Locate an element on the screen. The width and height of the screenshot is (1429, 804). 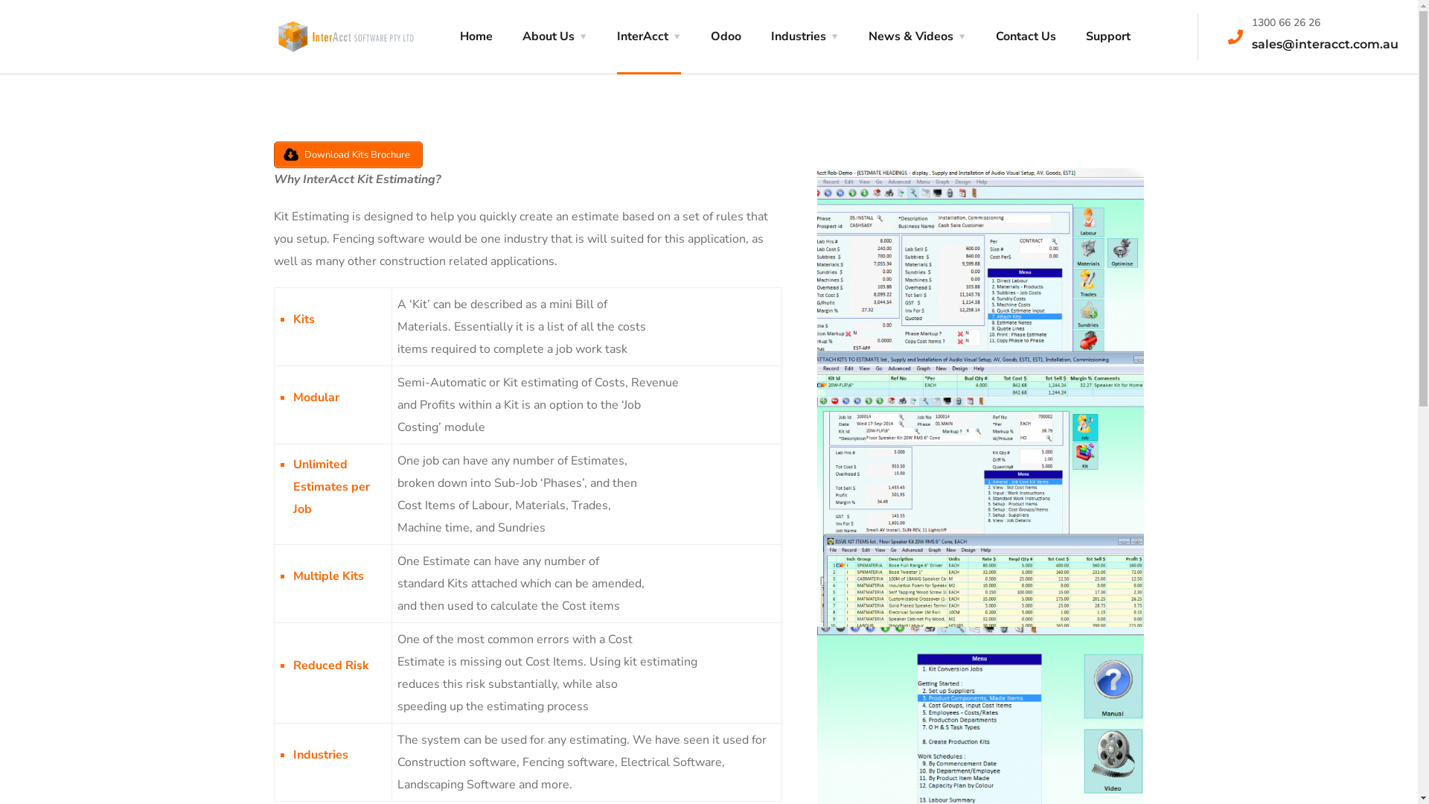
'Odoo' is located at coordinates (725, 36).